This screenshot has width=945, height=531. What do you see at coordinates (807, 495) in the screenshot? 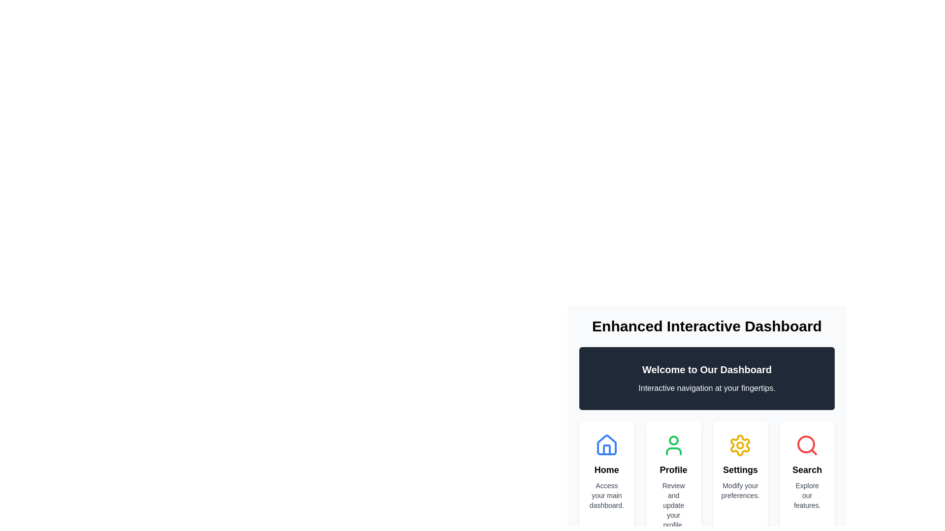
I see `the static text label that says 'Explore our features.' located at the bottom of the 'Search' card, which is part of a horizontally aligned group of feature cards` at bounding box center [807, 495].